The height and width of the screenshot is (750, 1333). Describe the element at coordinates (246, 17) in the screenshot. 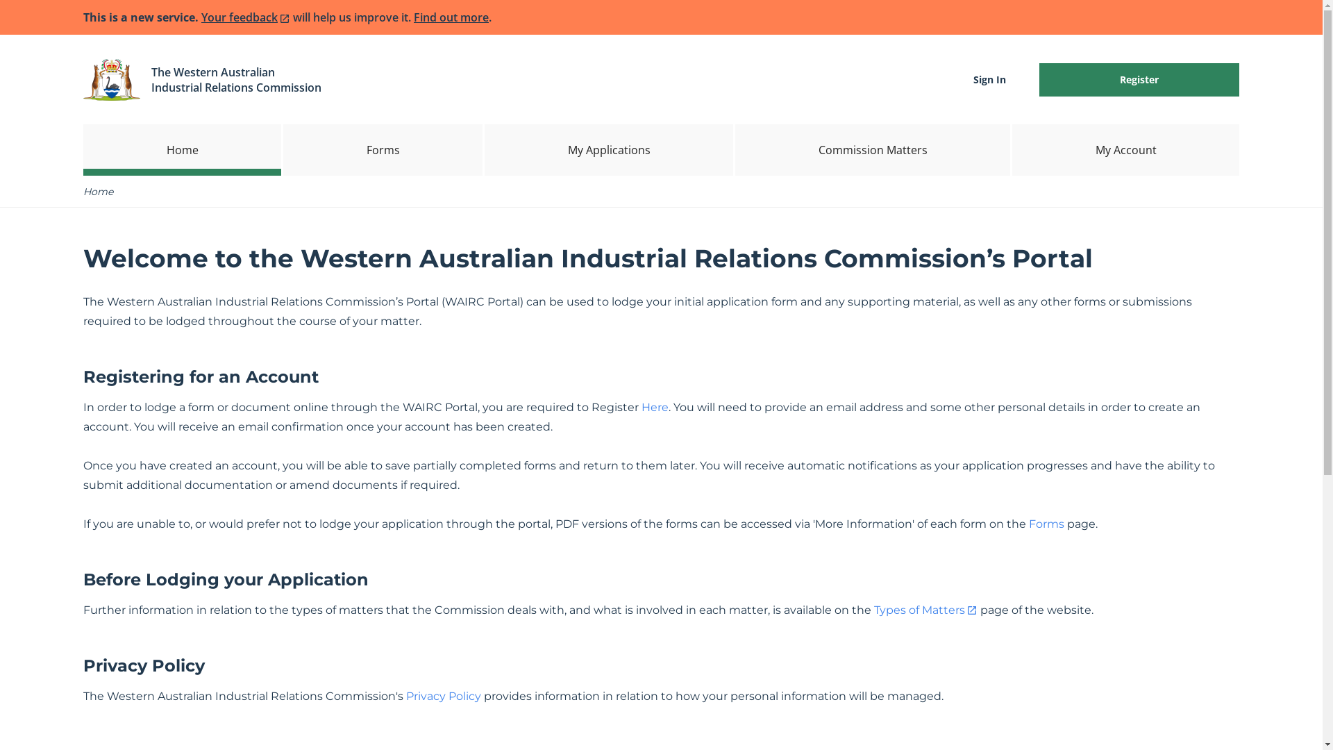

I see `'Your feedbackopen_in_new'` at that location.